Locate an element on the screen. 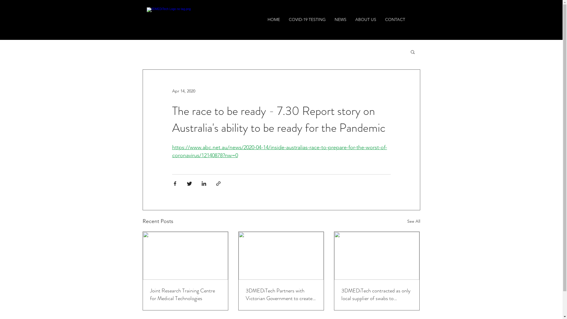 This screenshot has height=319, width=567. 'NEWS' is located at coordinates (340, 19).